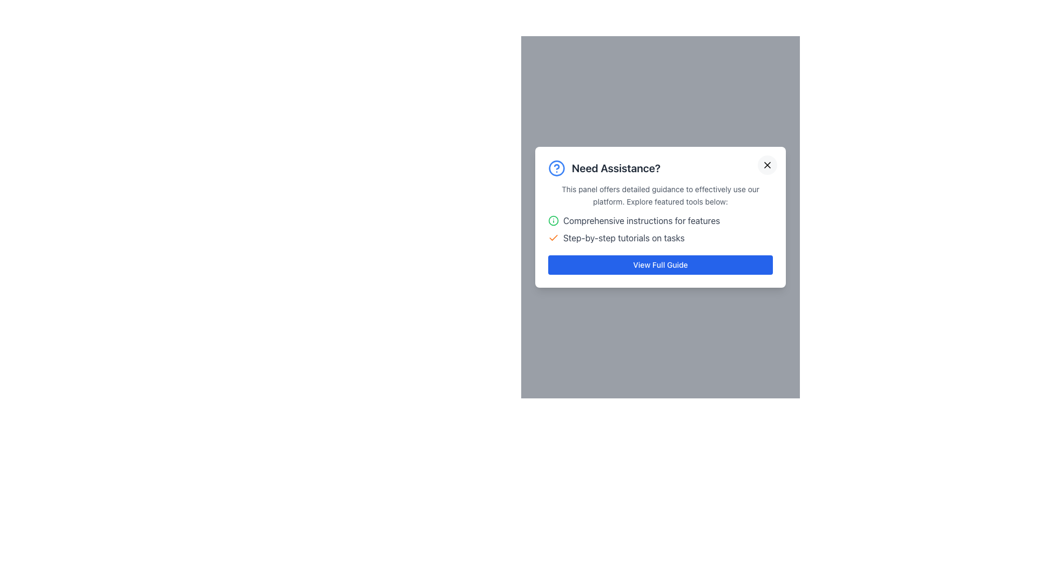 This screenshot has height=583, width=1037. Describe the element at coordinates (553, 220) in the screenshot. I see `the green circular icon with an 'i' character, which indicates information, located to the left of the text label in the first list item labeled 'Comprehensive instructions for features.'` at that location.